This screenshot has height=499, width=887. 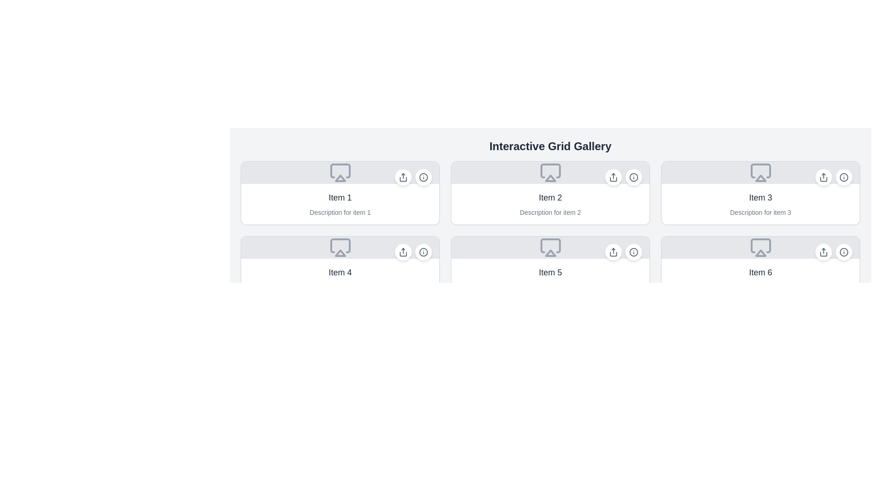 What do you see at coordinates (614, 177) in the screenshot?
I see `the 'share' icon button represented by an upward arrow in a circular button with a white background` at bounding box center [614, 177].